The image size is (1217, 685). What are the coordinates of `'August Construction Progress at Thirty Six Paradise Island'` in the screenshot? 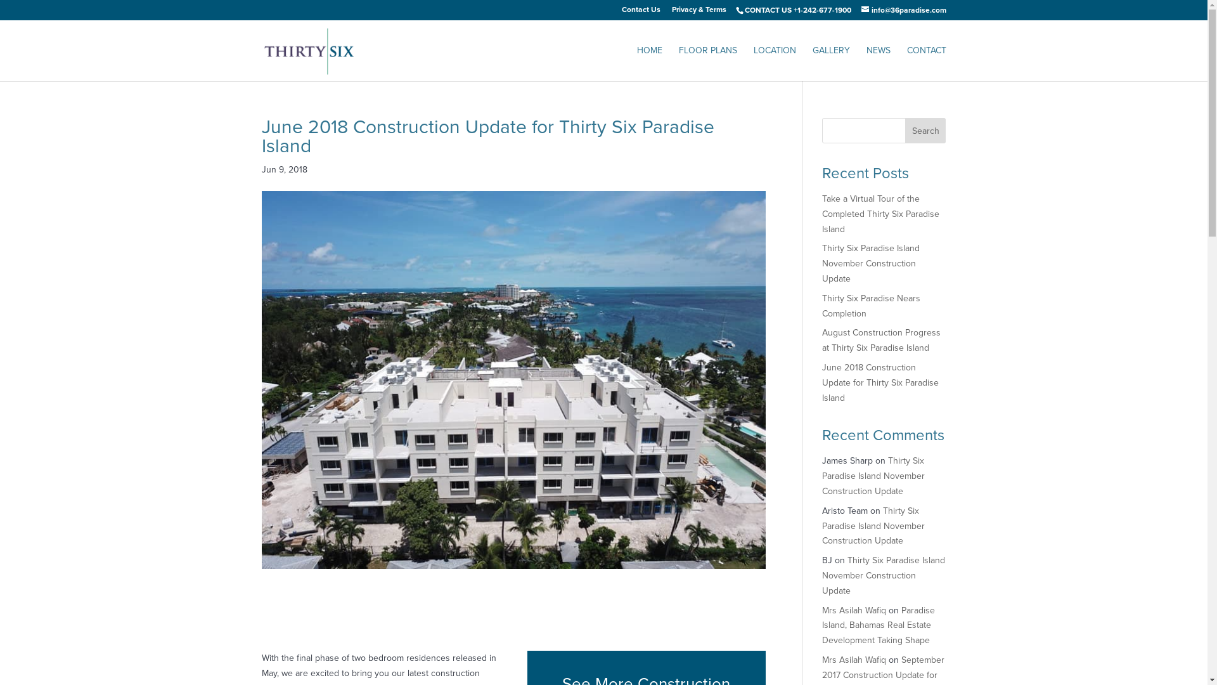 It's located at (880, 339).